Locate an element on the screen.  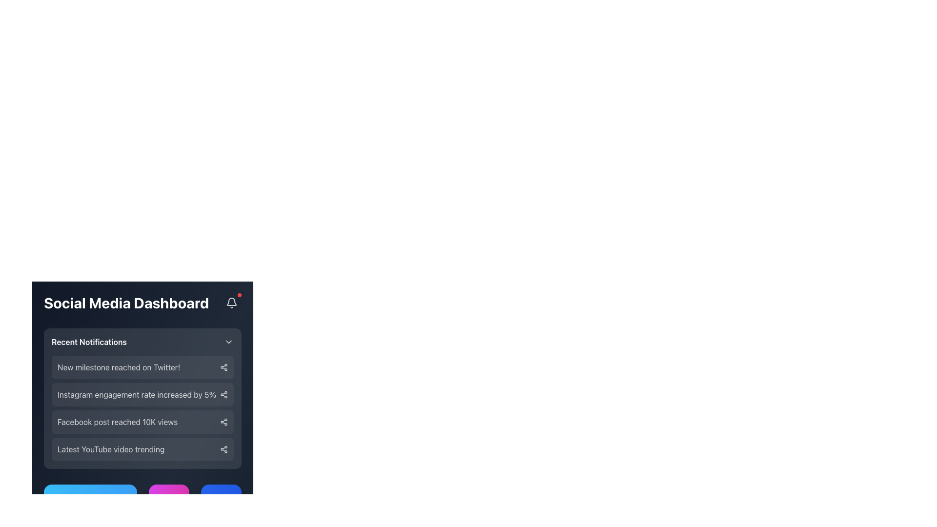
the notification card that displays 'Instagram engagement rate increased by 5%' in the 'Recent Notifications' section of the 'Social Media Dashboard' is located at coordinates (142, 399).